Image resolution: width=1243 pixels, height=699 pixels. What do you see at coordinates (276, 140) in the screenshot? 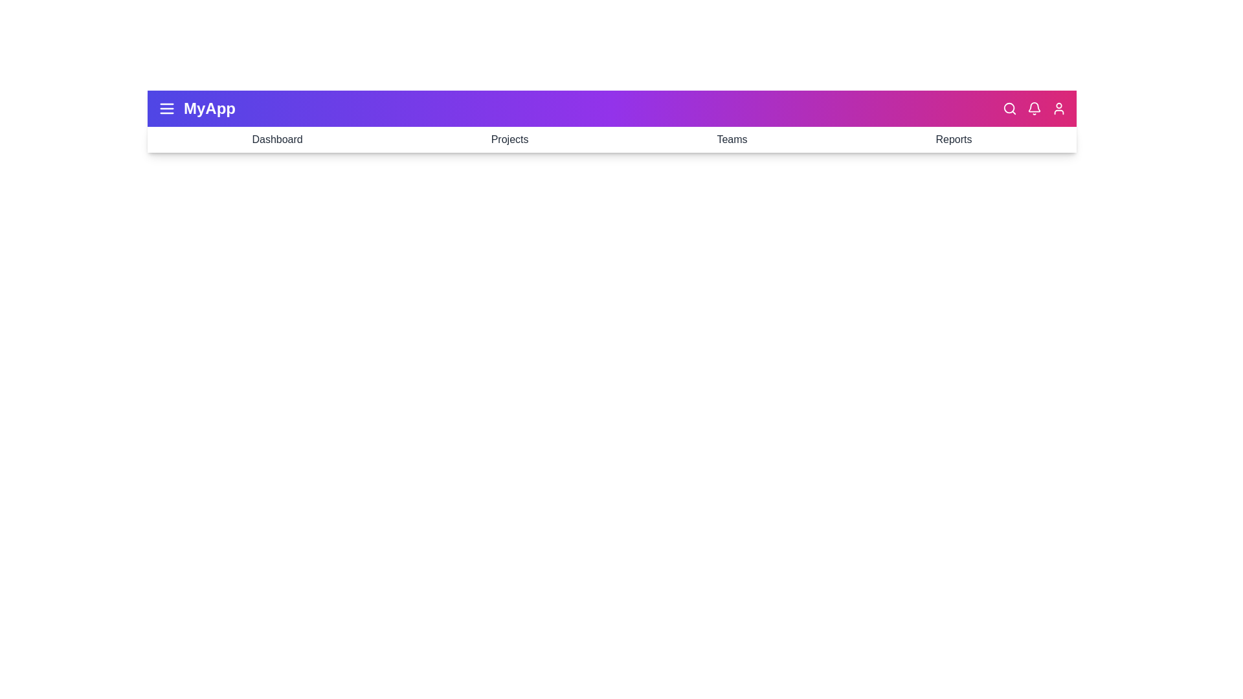
I see `the navigation menu item Dashboard` at bounding box center [276, 140].